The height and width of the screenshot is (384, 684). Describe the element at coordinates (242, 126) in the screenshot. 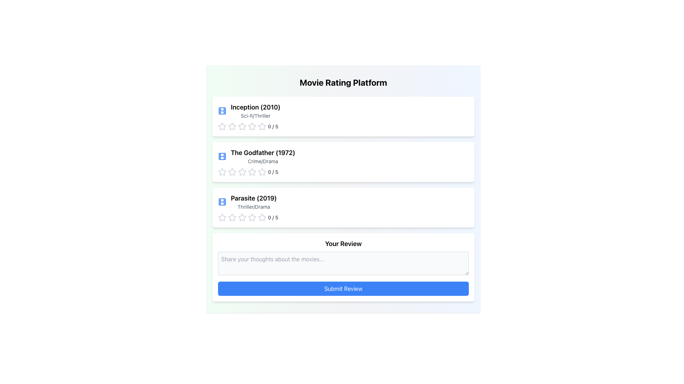

I see `the first star rating icon for the movie 'Inception (2010)', which allows the user to assign a 1-star rating` at that location.